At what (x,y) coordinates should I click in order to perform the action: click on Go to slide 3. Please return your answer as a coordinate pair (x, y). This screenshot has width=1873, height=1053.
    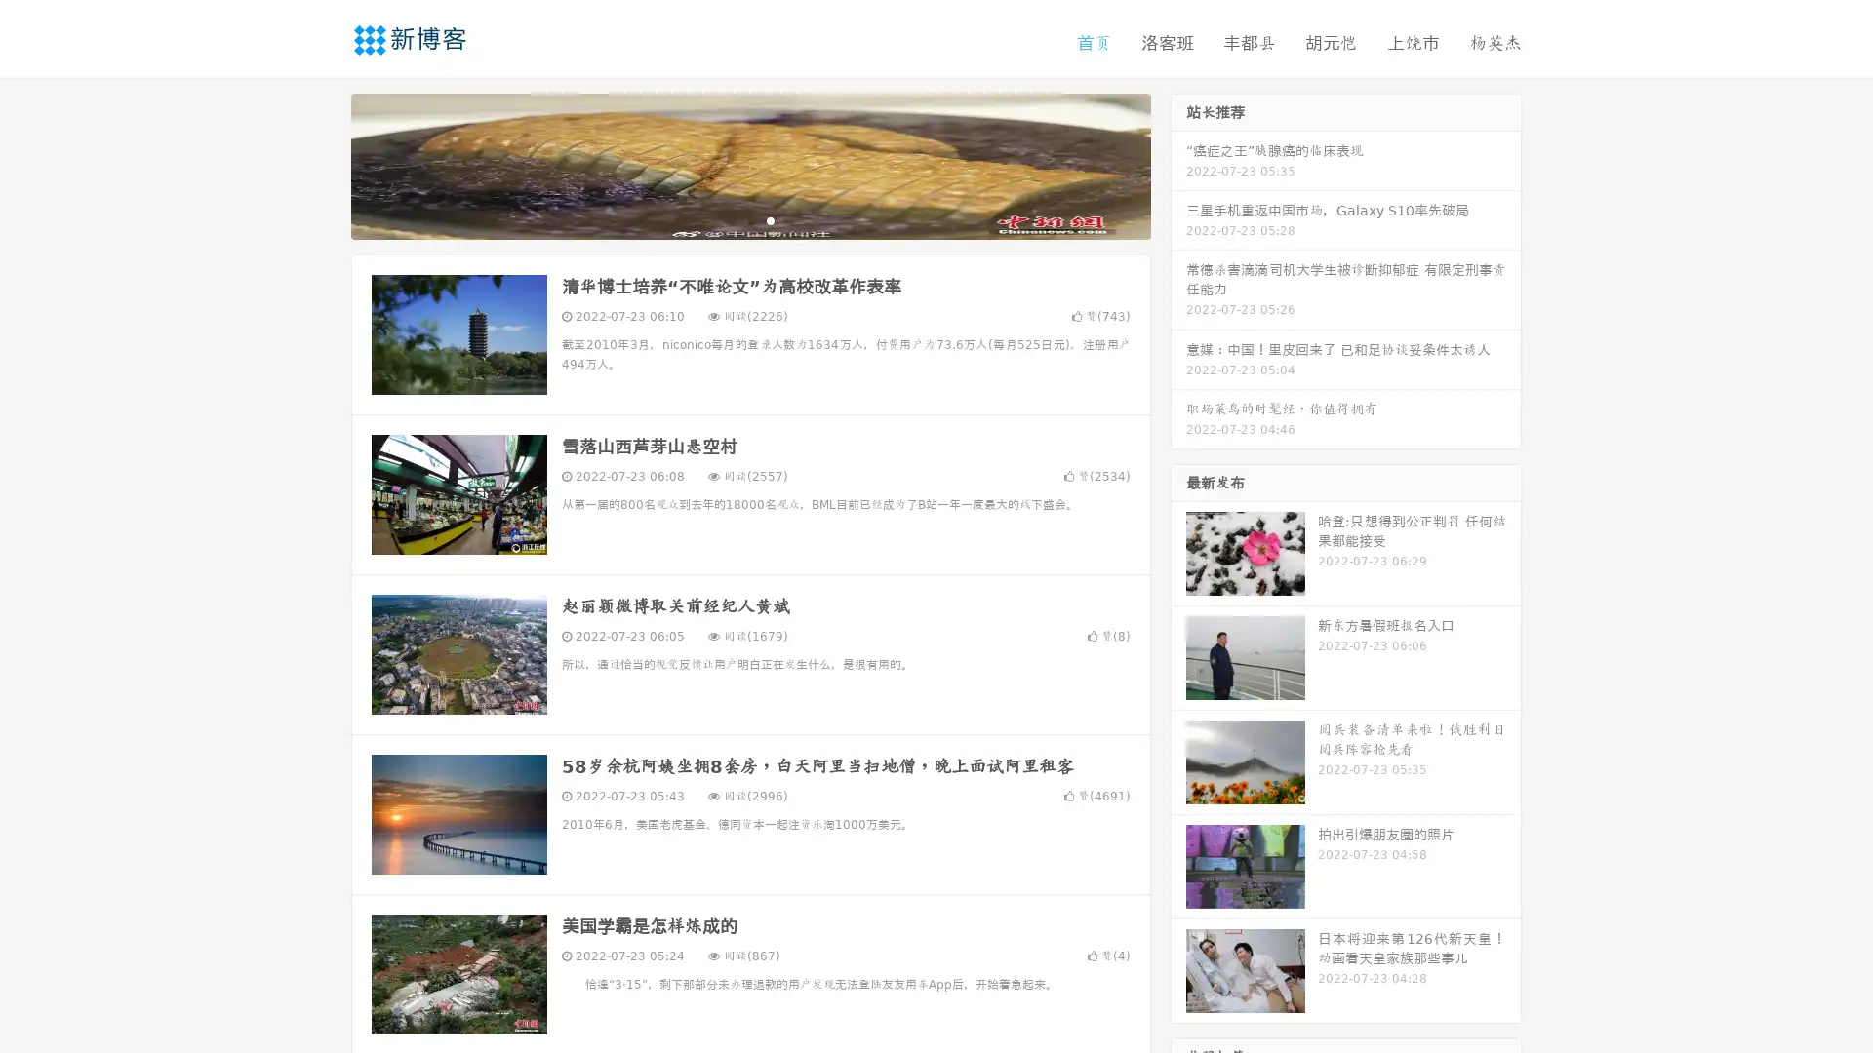
    Looking at the image, I should click on (770, 219).